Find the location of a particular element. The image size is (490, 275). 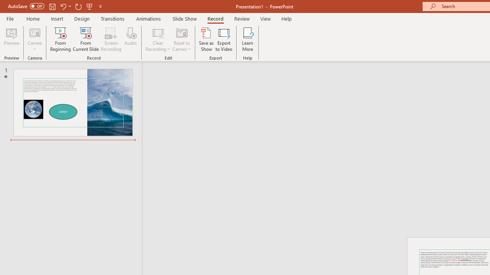

'Customize Quick Access Toolbar' is located at coordinates (100, 6).